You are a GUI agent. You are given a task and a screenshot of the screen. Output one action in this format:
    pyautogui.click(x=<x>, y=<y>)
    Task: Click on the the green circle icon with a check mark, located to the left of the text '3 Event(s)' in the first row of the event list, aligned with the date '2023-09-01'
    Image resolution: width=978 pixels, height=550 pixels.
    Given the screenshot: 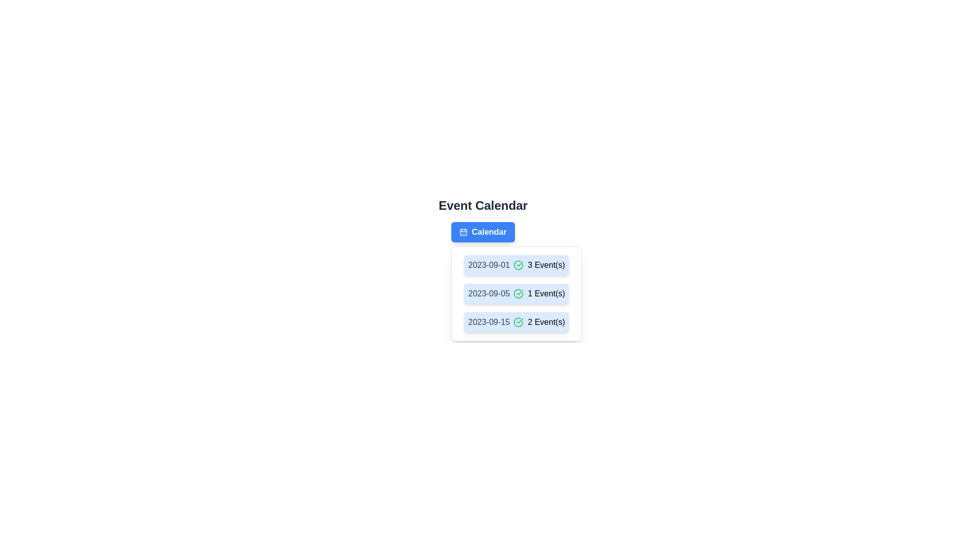 What is the action you would take?
    pyautogui.click(x=519, y=264)
    